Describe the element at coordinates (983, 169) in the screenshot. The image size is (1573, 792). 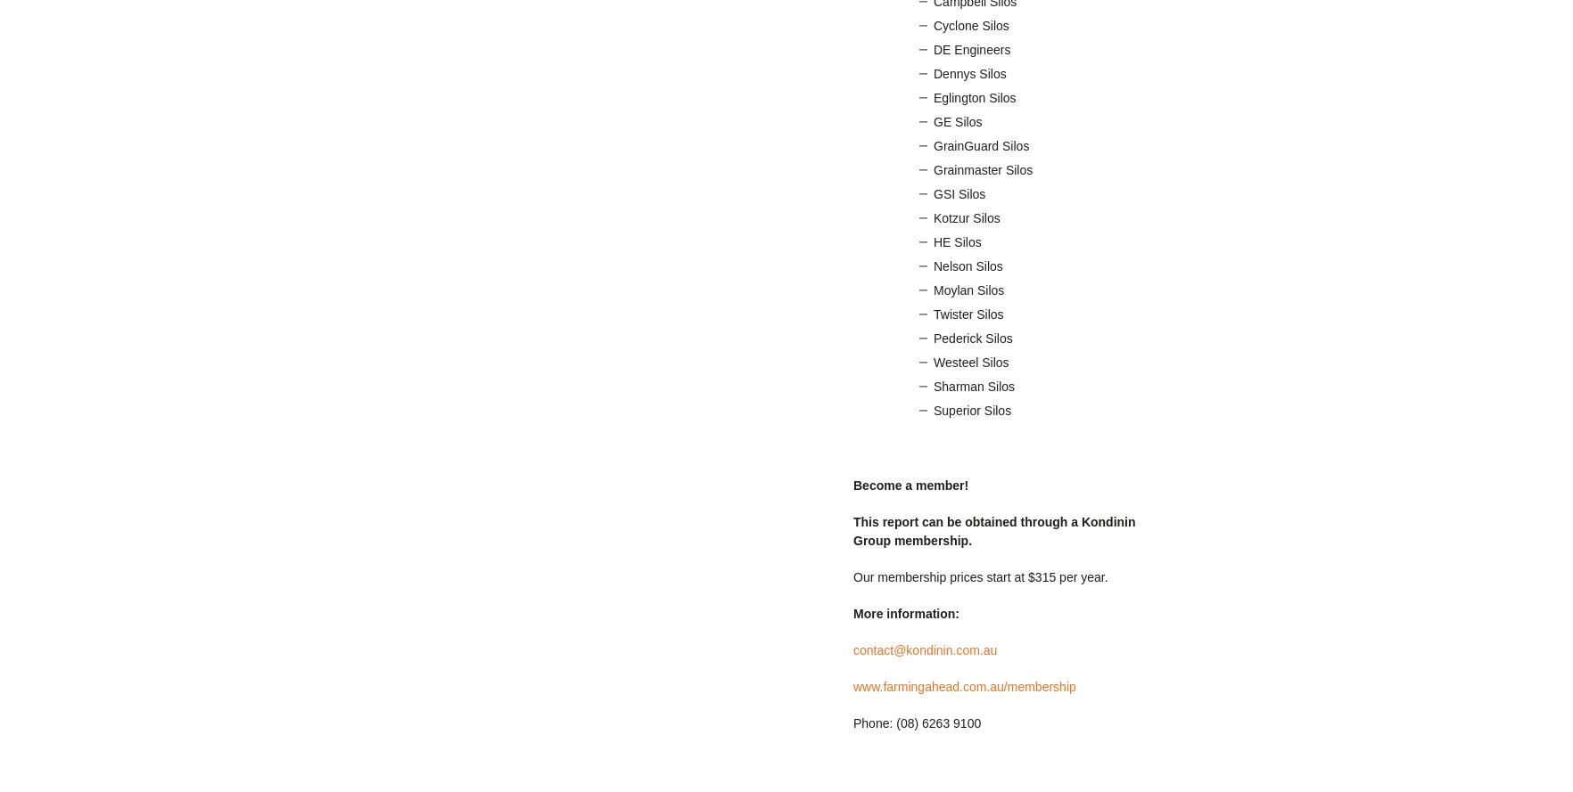
I see `'Grainmaster Silos'` at that location.